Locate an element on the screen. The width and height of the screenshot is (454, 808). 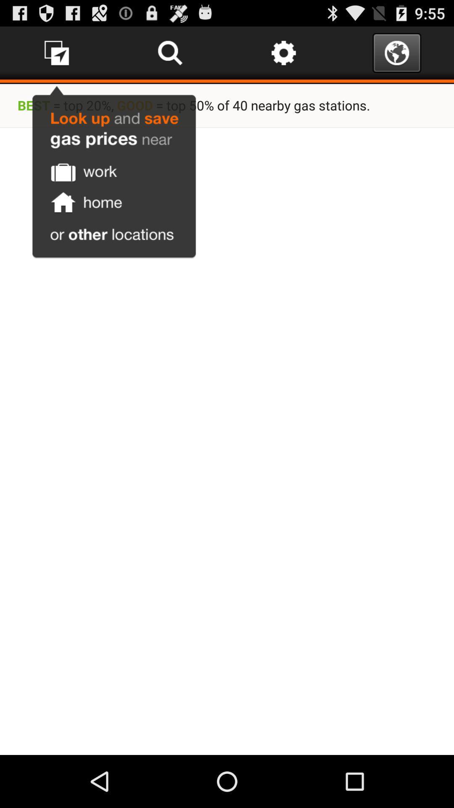
the settings icon is located at coordinates (283, 56).